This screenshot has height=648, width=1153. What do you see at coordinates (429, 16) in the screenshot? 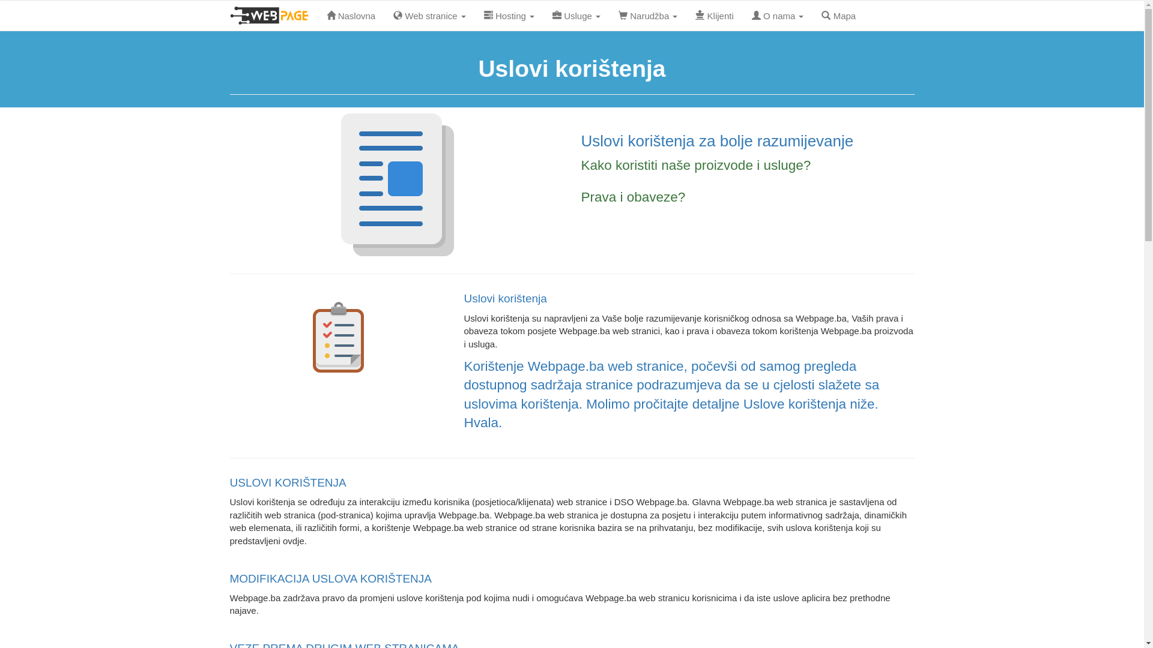
I see `'Web stranice'` at bounding box center [429, 16].